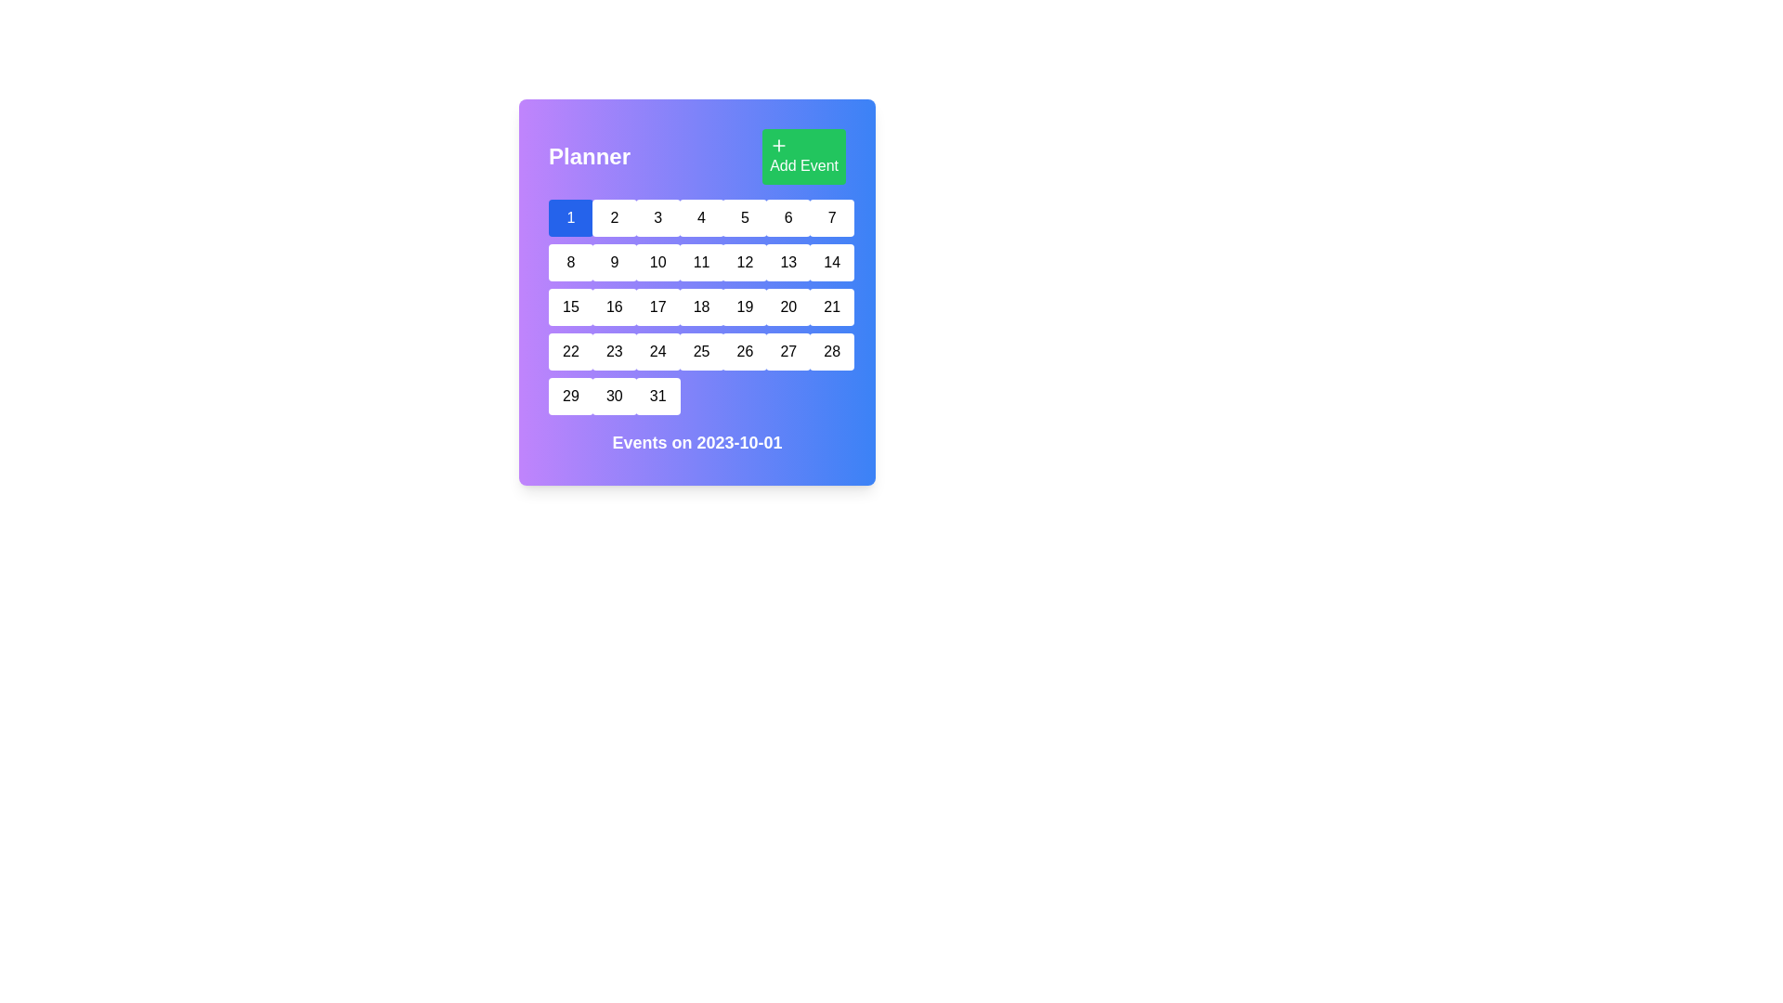  What do you see at coordinates (788, 351) in the screenshot?
I see `the button displaying '27' located in the fourth row of a grid layout` at bounding box center [788, 351].